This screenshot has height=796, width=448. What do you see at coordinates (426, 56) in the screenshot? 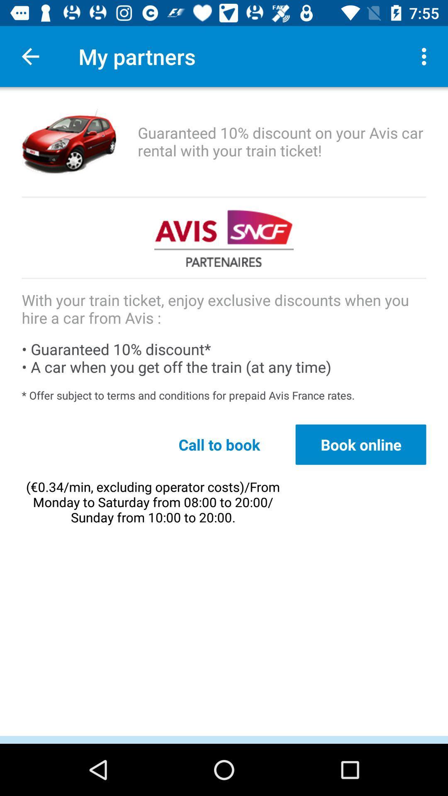
I see `icon next to my partners item` at bounding box center [426, 56].